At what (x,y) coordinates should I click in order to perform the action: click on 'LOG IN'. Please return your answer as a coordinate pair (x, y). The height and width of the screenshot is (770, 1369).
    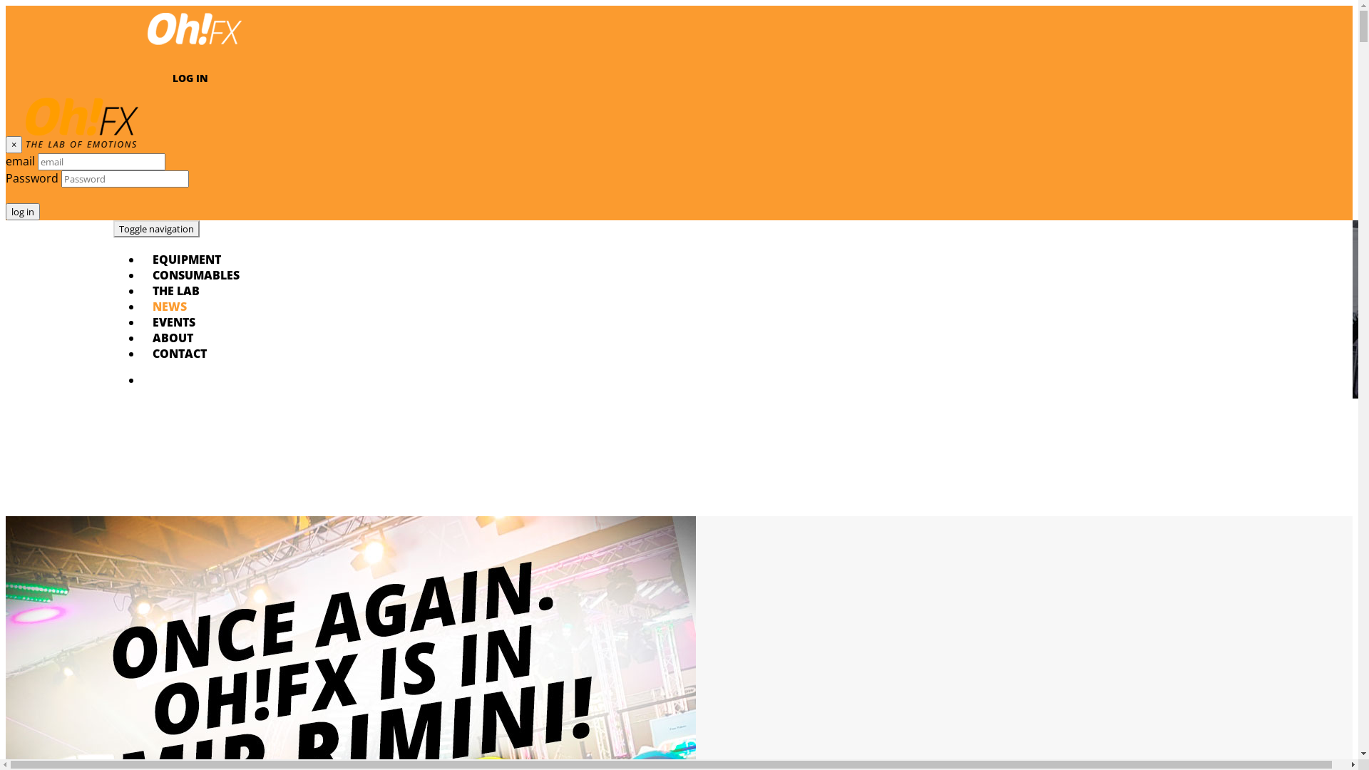
    Looking at the image, I should click on (190, 78).